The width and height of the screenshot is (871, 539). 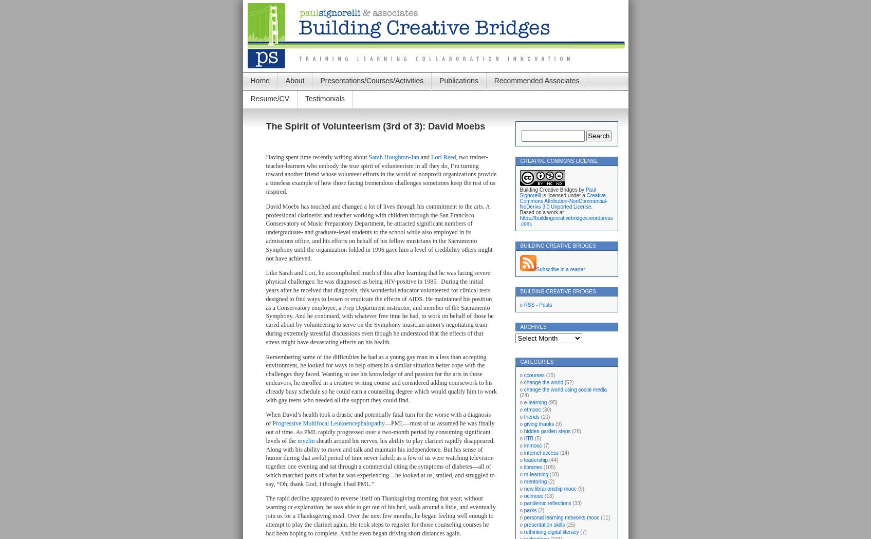 I want to click on 'friends', so click(x=523, y=416).